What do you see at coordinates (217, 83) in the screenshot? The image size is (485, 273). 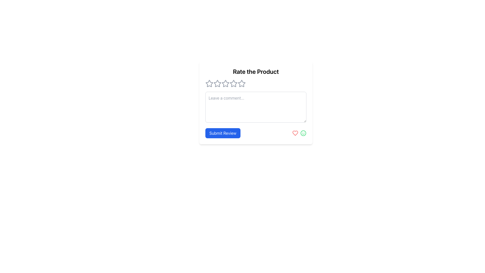 I see `the first star icon in the rating section to indicate a rating for the product, located below the 'Rate the Product' text` at bounding box center [217, 83].